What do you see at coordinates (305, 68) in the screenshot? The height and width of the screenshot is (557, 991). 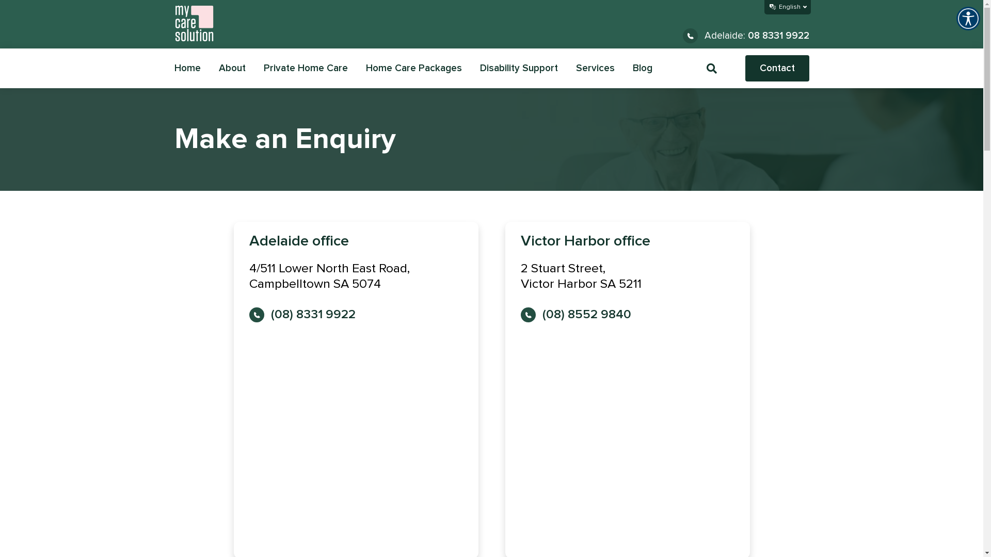 I see `'Private Home Care'` at bounding box center [305, 68].